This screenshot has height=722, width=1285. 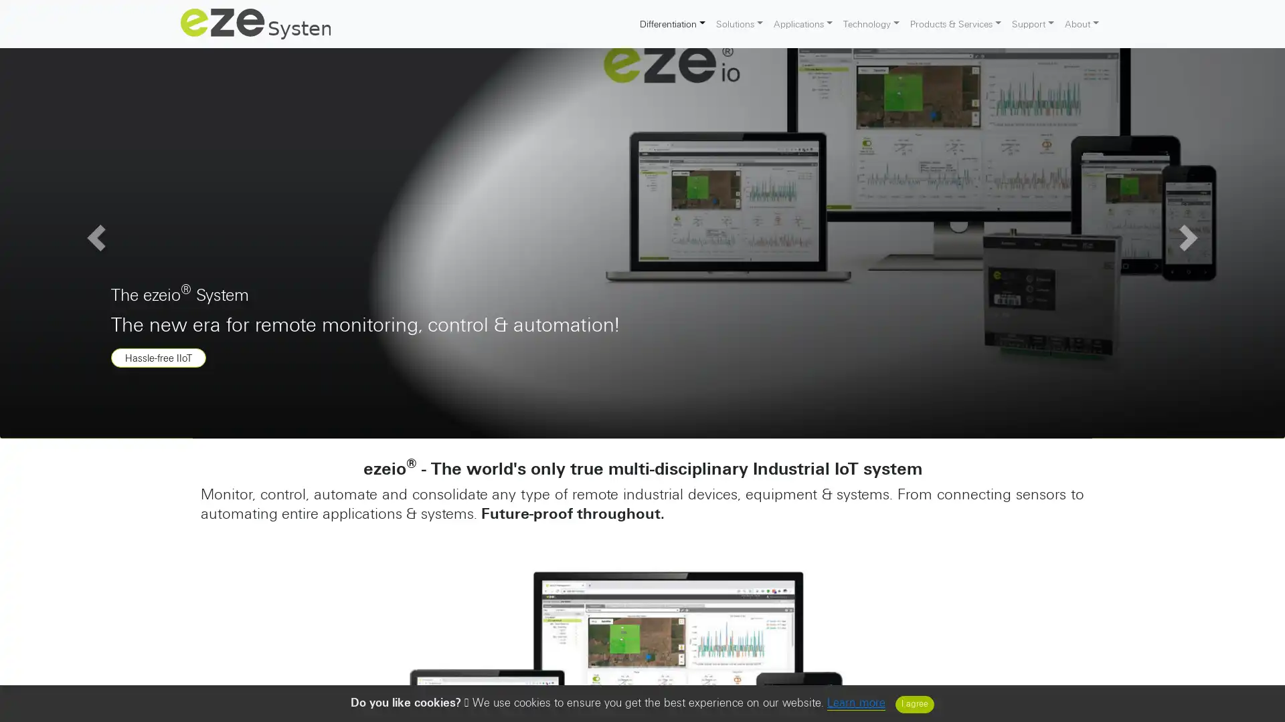 What do you see at coordinates (914, 703) in the screenshot?
I see `Close` at bounding box center [914, 703].